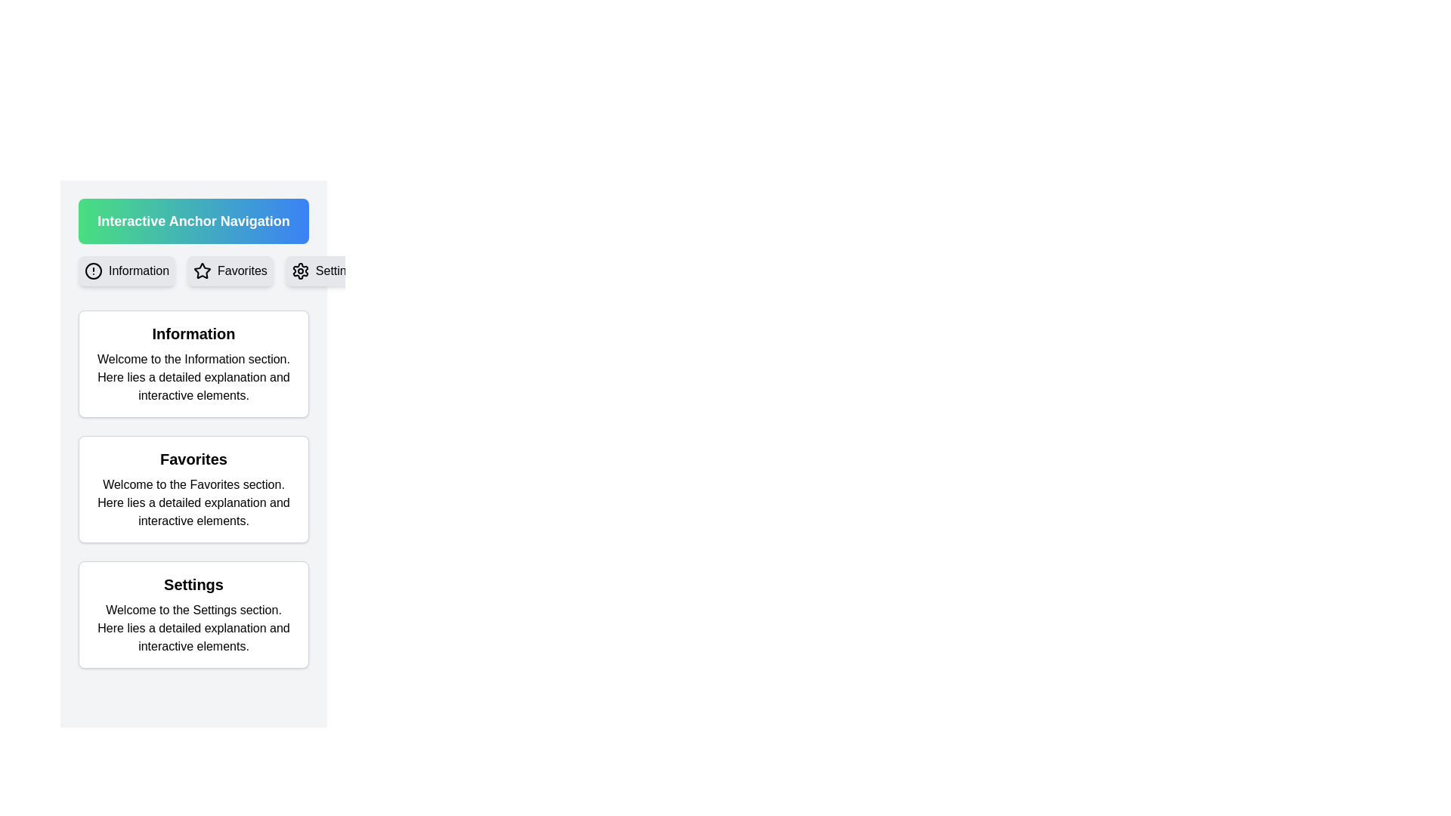  Describe the element at coordinates (93, 270) in the screenshot. I see `the visual representation of the 'Information' icon located within the navigation menu, positioned as the first item with the icon on the left side of the button` at that location.